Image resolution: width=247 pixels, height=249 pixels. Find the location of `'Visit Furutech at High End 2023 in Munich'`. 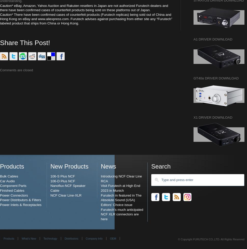

'Visit Furutech at High End 2023 in Munich' is located at coordinates (120, 188).